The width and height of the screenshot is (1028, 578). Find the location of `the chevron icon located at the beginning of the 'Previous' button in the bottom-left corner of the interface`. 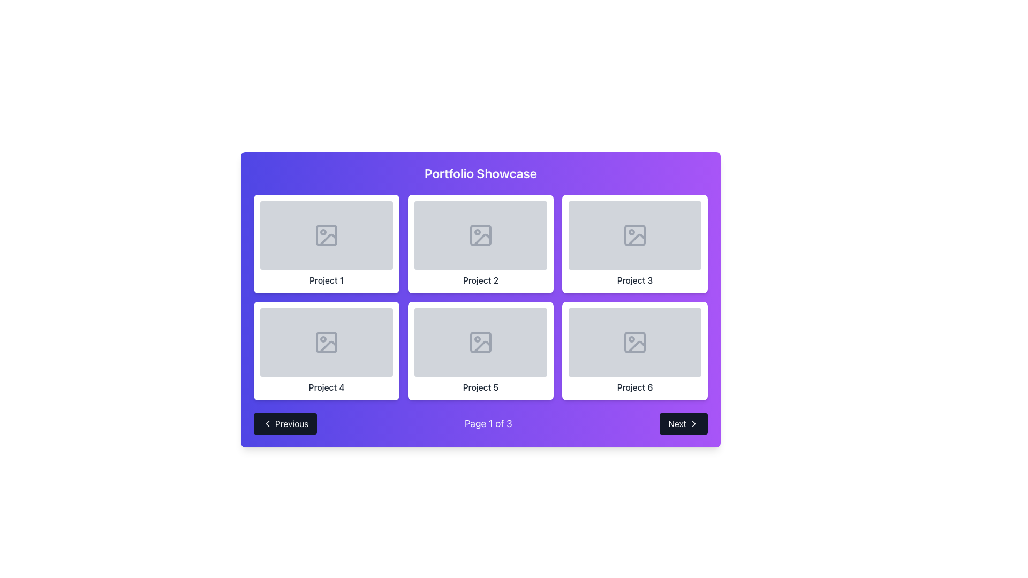

the chevron icon located at the beginning of the 'Previous' button in the bottom-left corner of the interface is located at coordinates (267, 423).